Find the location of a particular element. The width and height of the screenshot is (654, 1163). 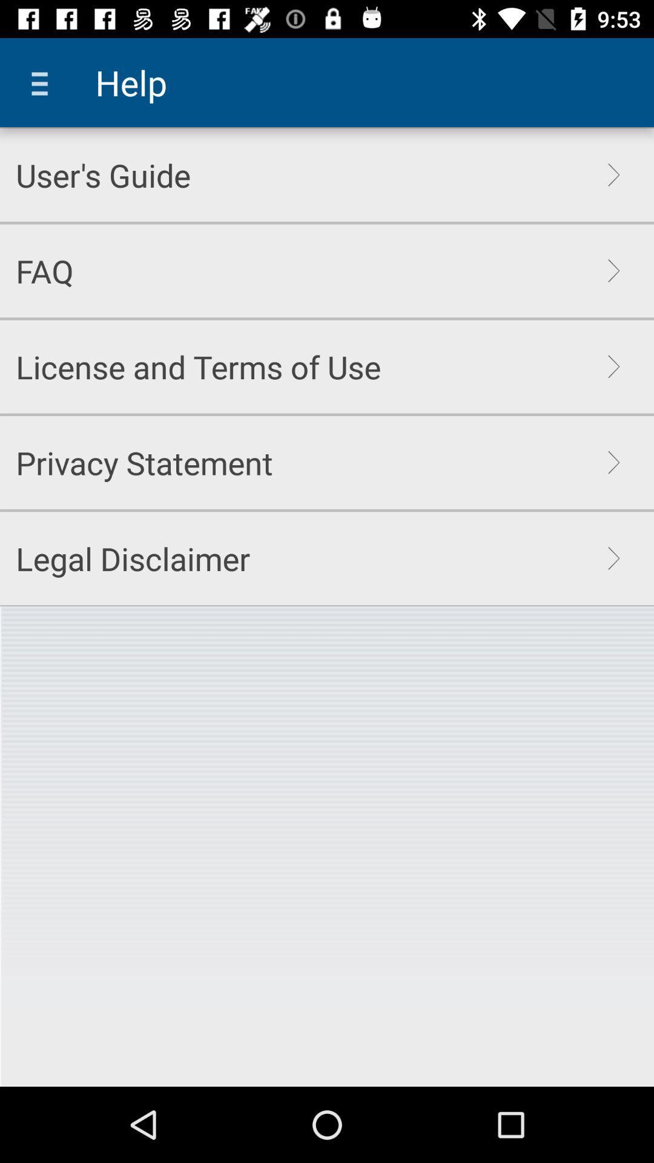

the privacy statement item is located at coordinates (144, 462).